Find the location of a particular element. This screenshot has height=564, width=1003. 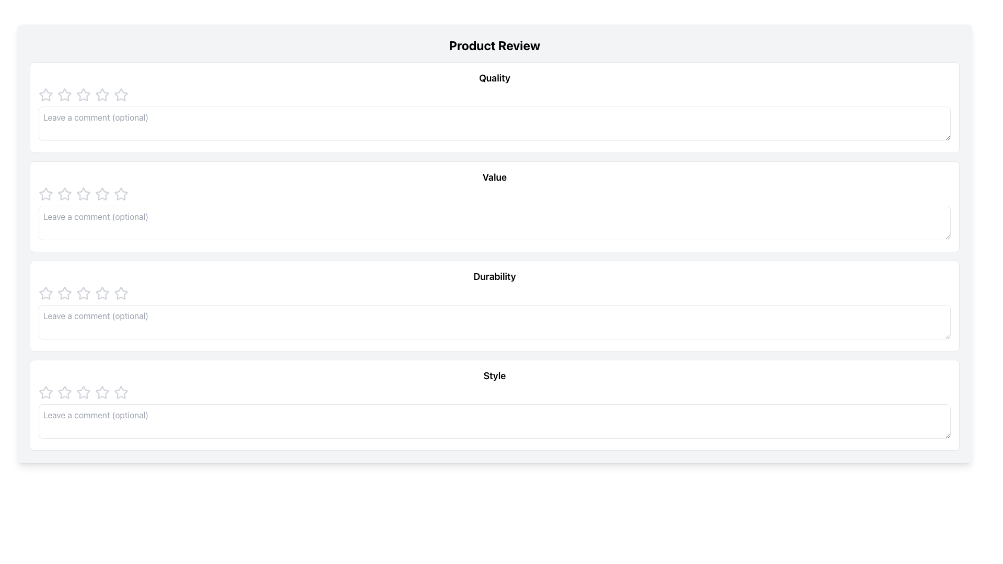

the first star-shaped icon representing an unselected rating component in the 'Style' review section is located at coordinates (45, 393).